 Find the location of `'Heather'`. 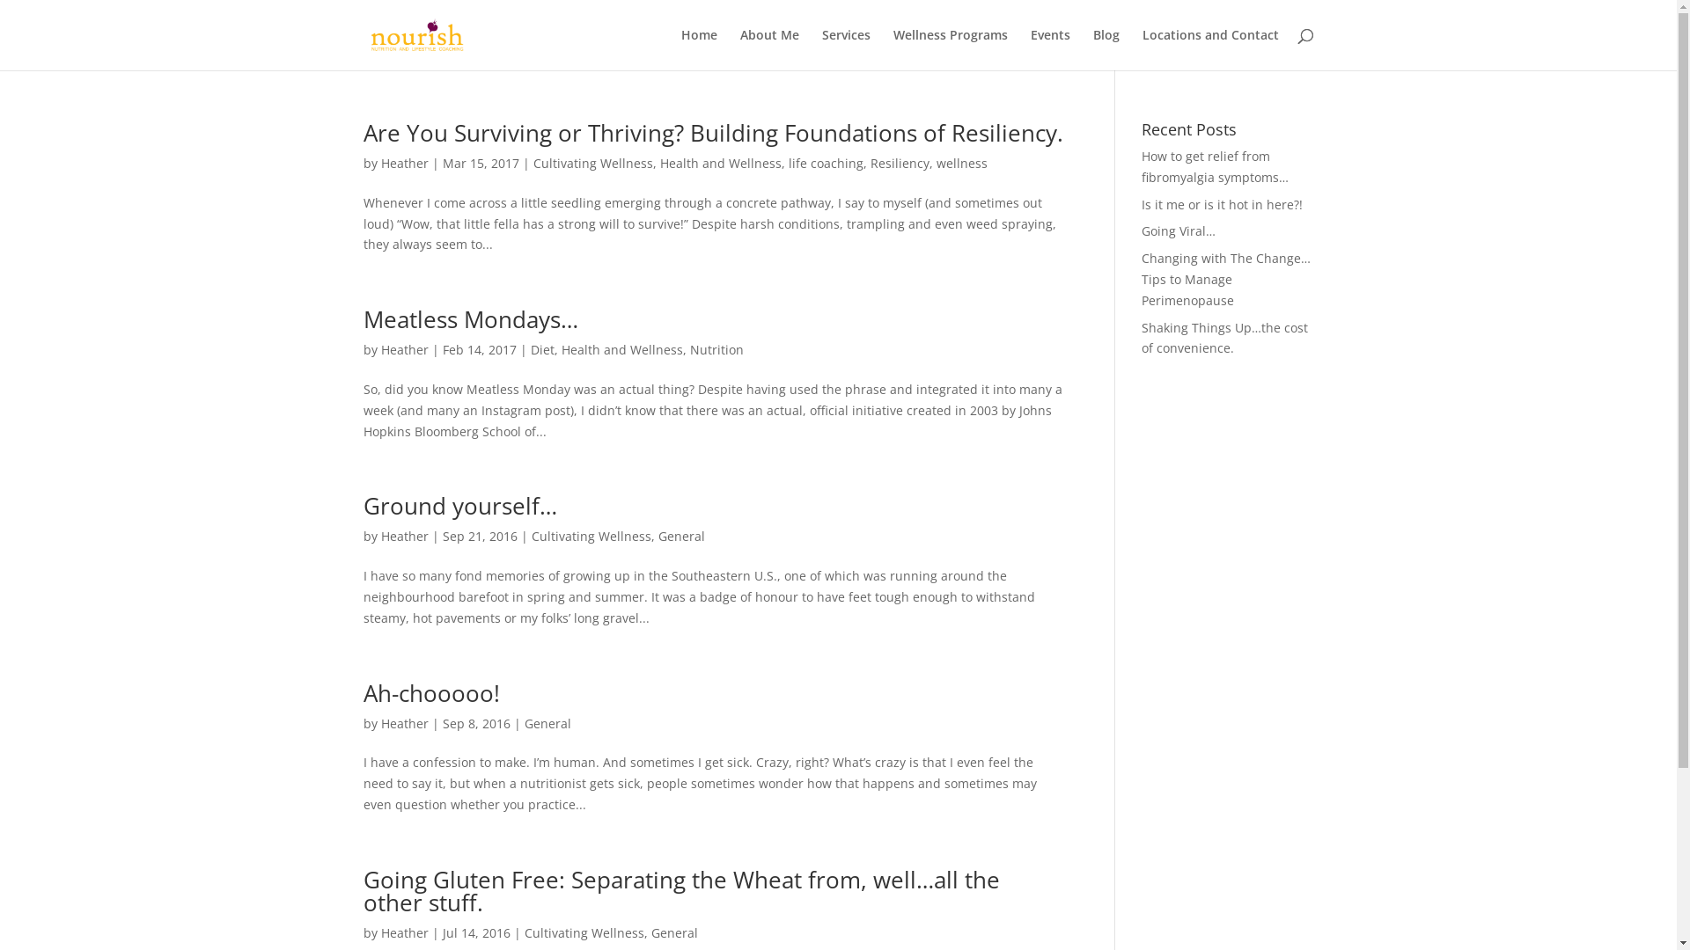

'Heather' is located at coordinates (403, 349).